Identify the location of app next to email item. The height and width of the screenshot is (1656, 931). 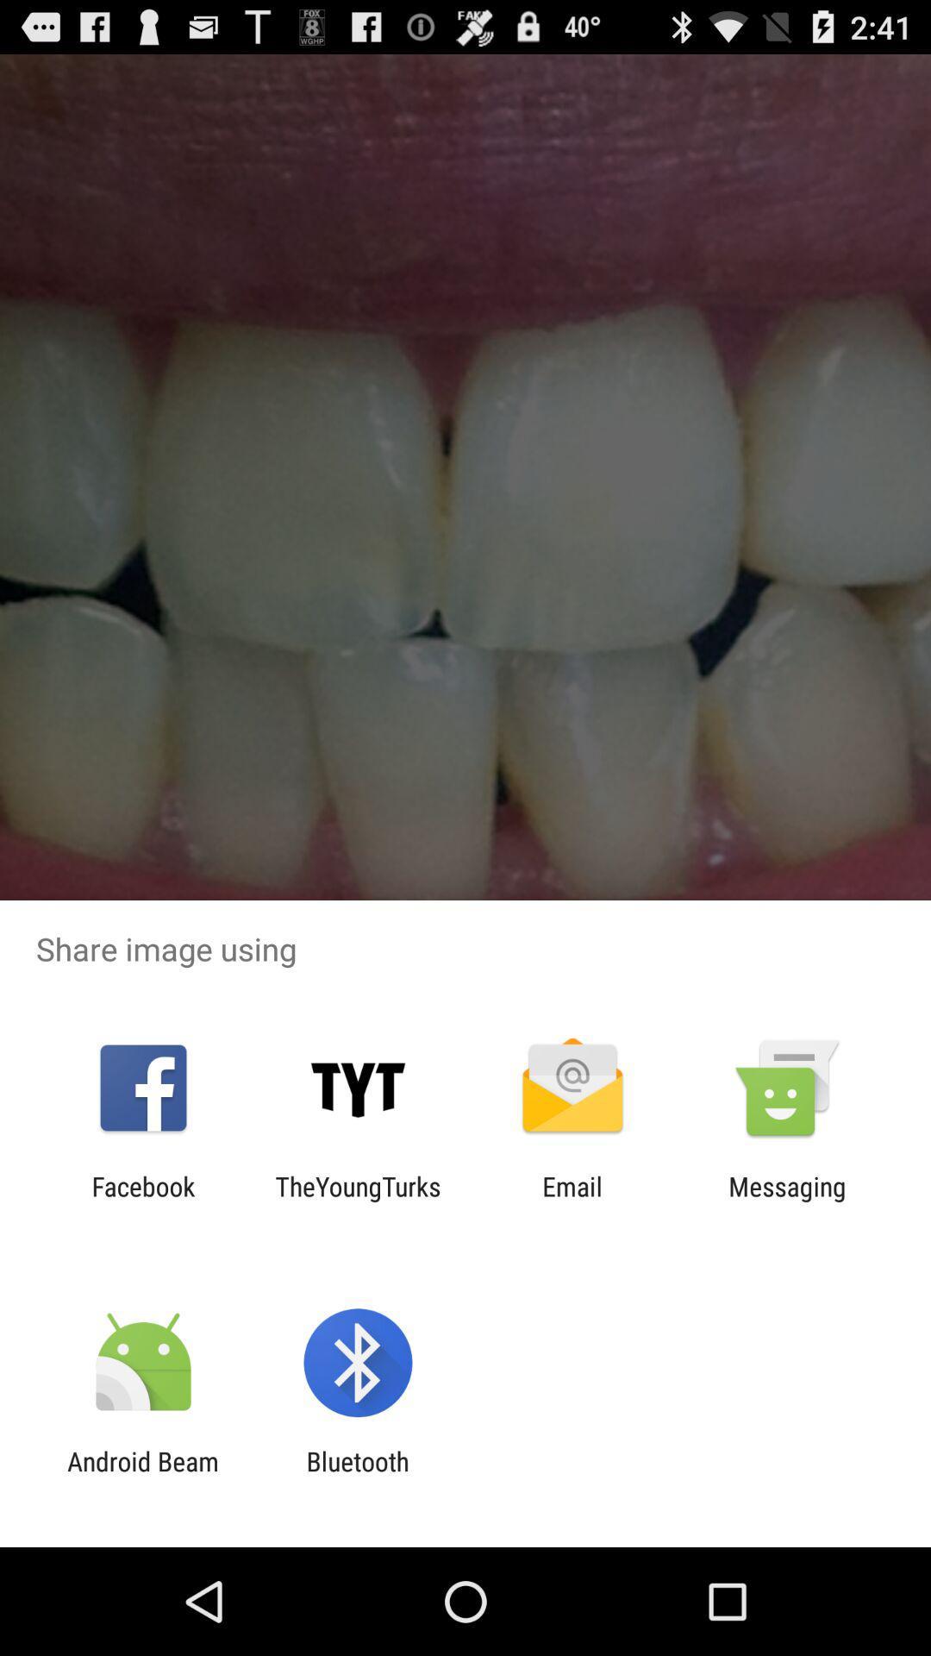
(787, 1201).